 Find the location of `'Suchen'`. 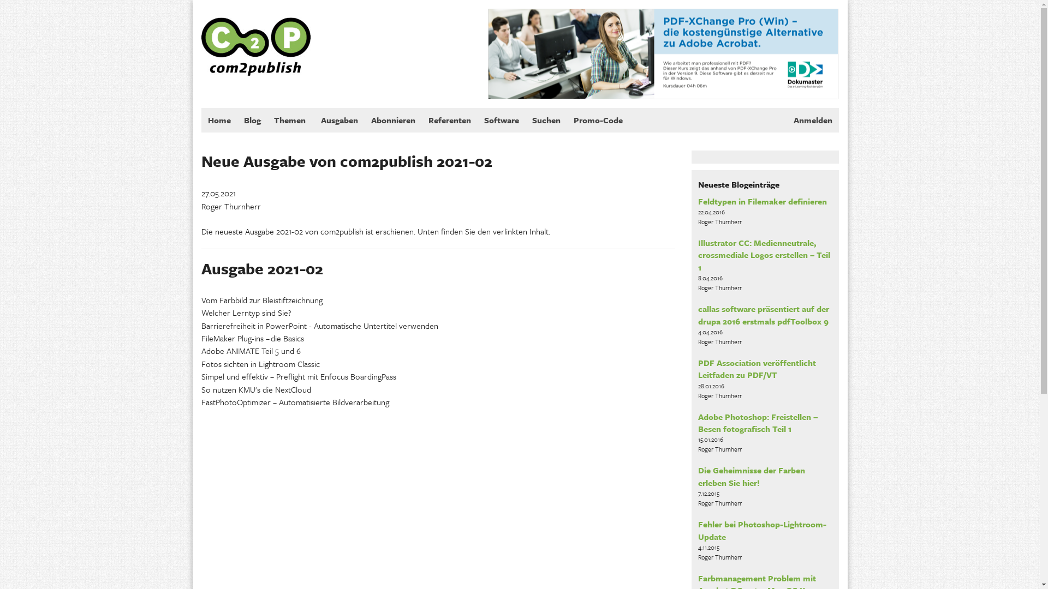

'Suchen' is located at coordinates (525, 120).